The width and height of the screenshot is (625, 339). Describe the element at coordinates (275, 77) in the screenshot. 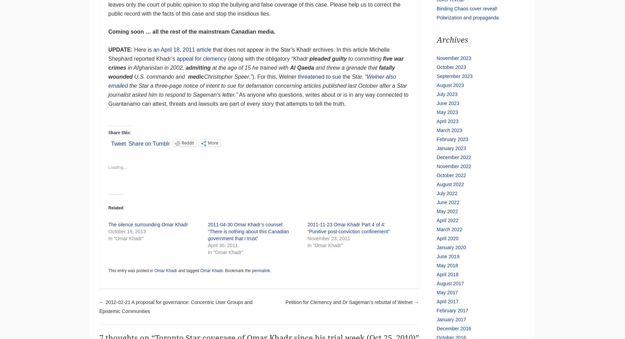

I see `'). For this, Welner'` at that location.